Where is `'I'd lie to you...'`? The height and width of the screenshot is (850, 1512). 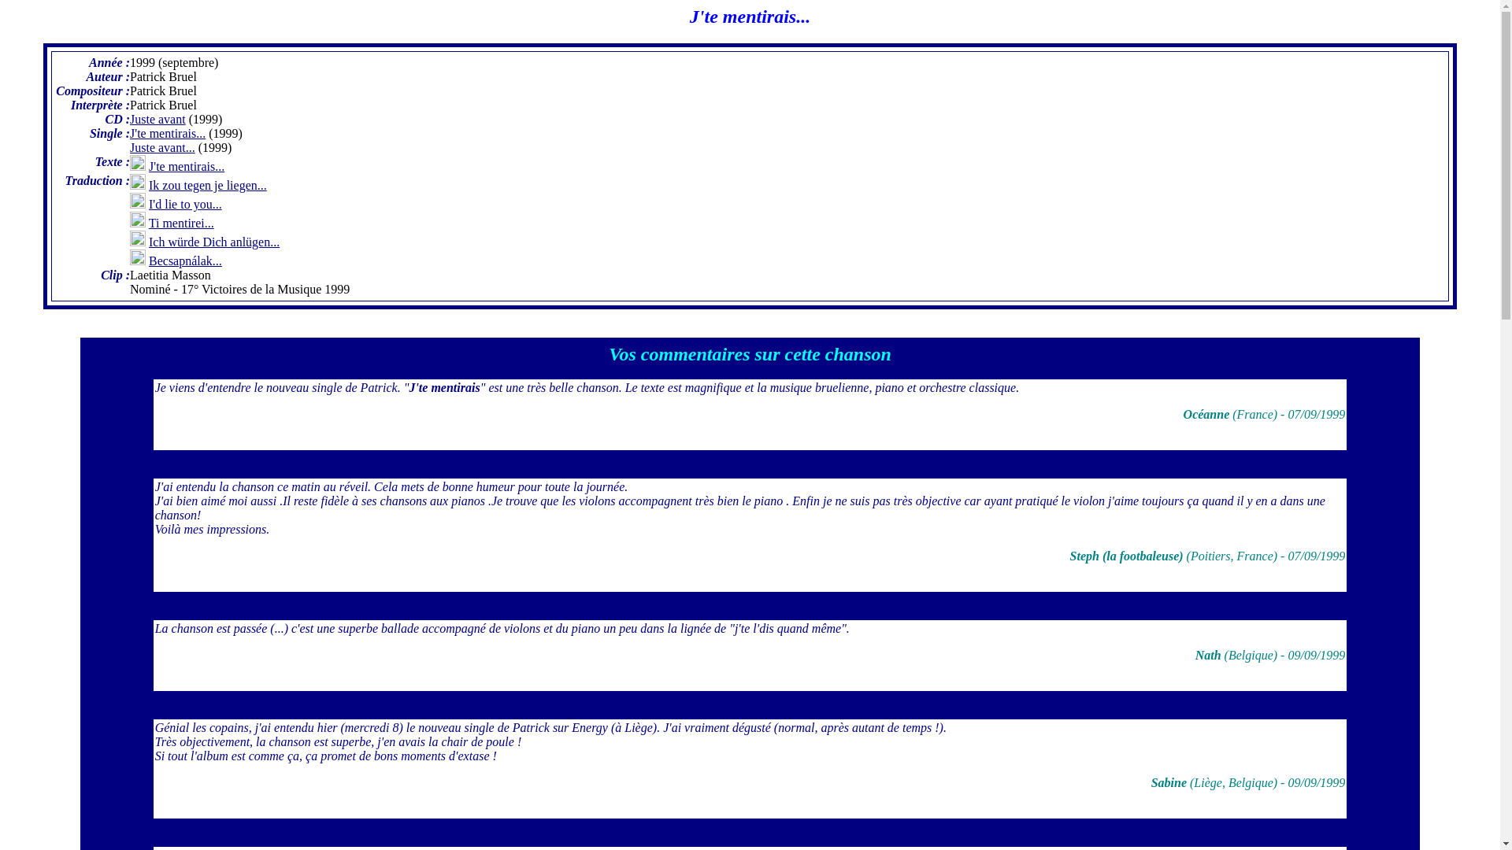 'I'd lie to you...' is located at coordinates (185, 203).